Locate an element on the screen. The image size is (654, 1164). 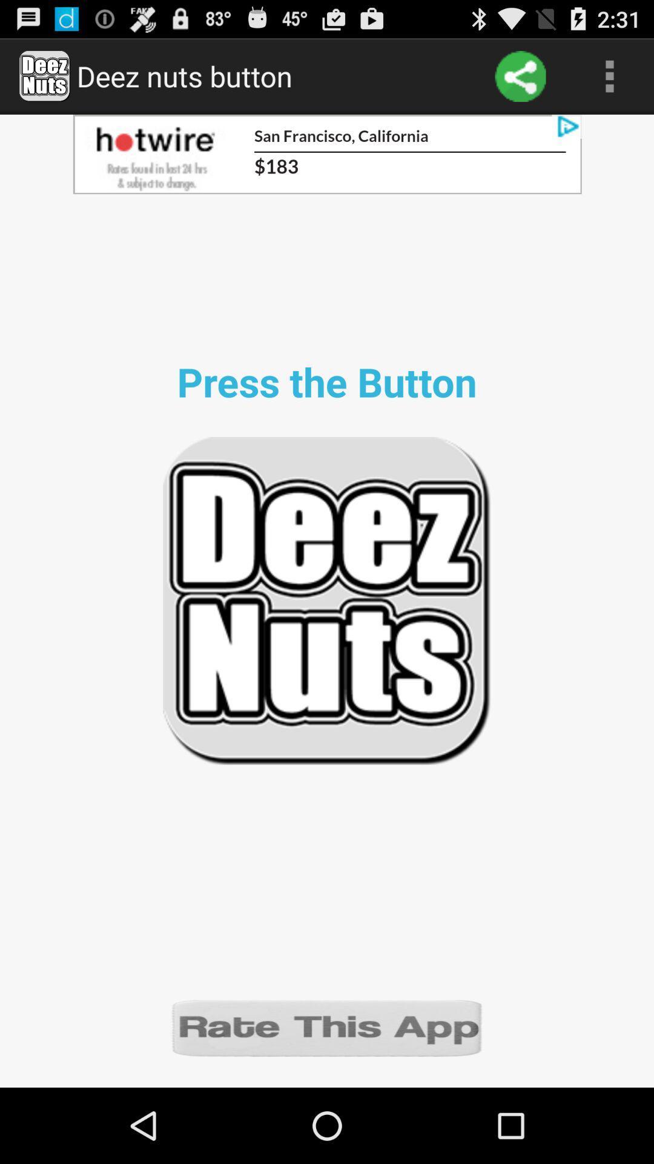
advertising pop up banner is located at coordinates (327, 153).